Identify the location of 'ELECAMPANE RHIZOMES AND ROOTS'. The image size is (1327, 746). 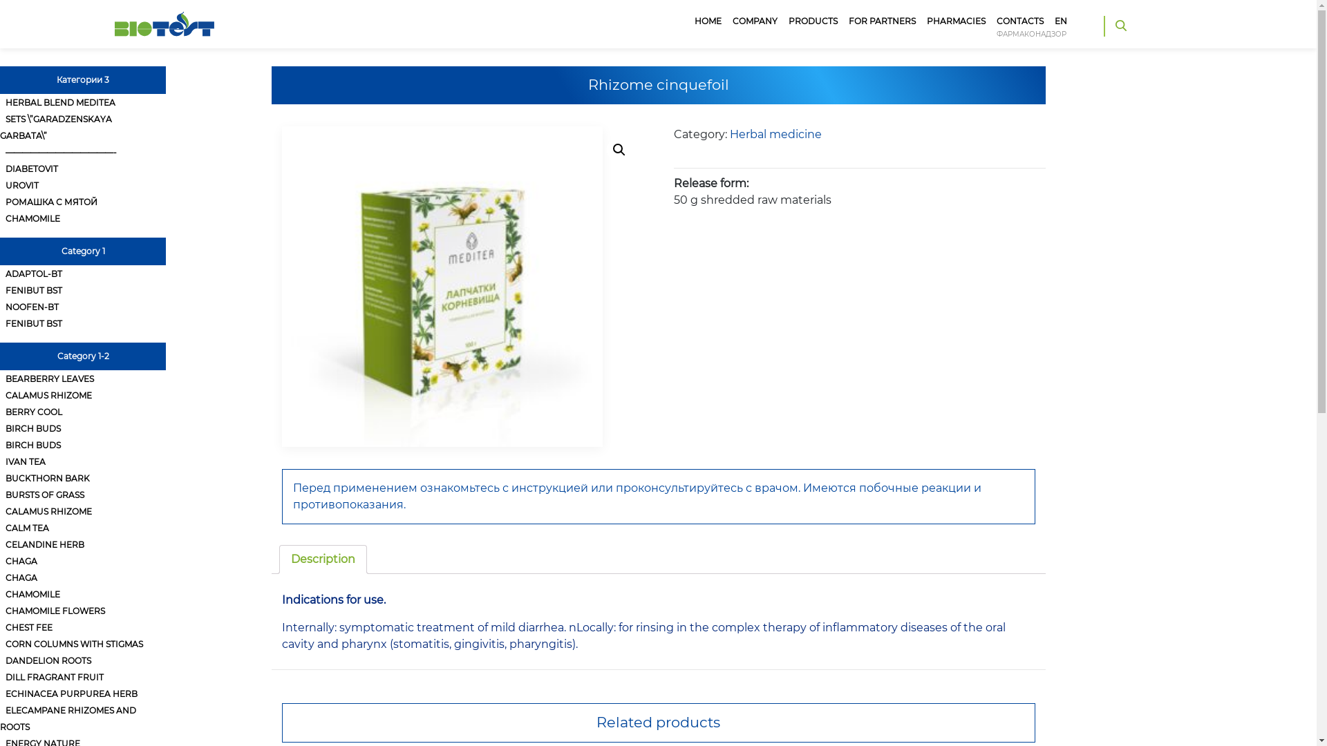
(0, 718).